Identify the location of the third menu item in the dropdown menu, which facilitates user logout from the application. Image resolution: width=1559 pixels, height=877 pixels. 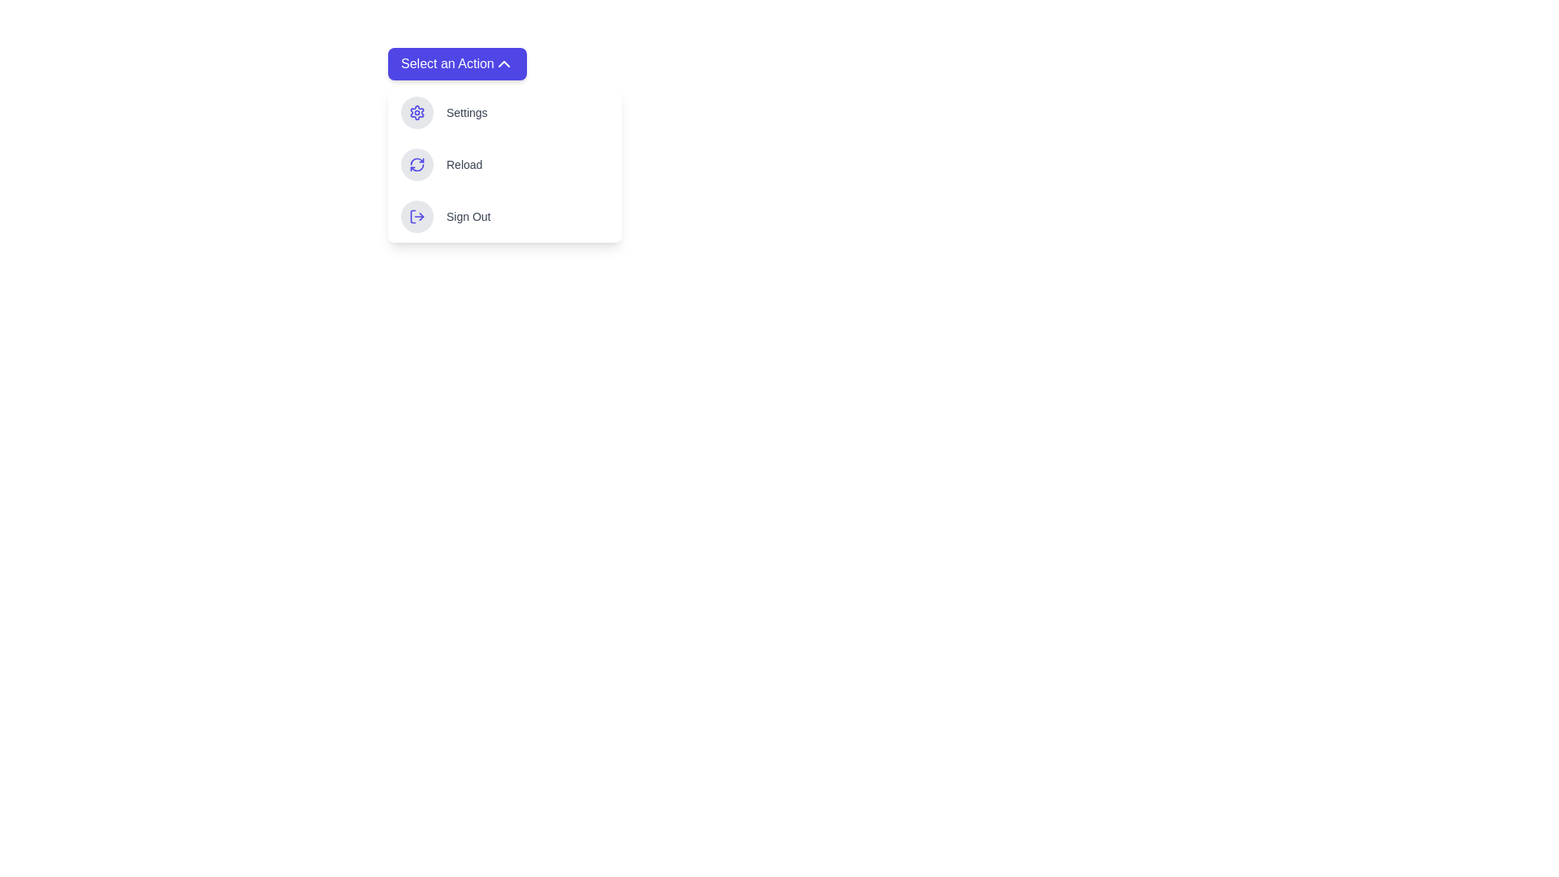
(504, 215).